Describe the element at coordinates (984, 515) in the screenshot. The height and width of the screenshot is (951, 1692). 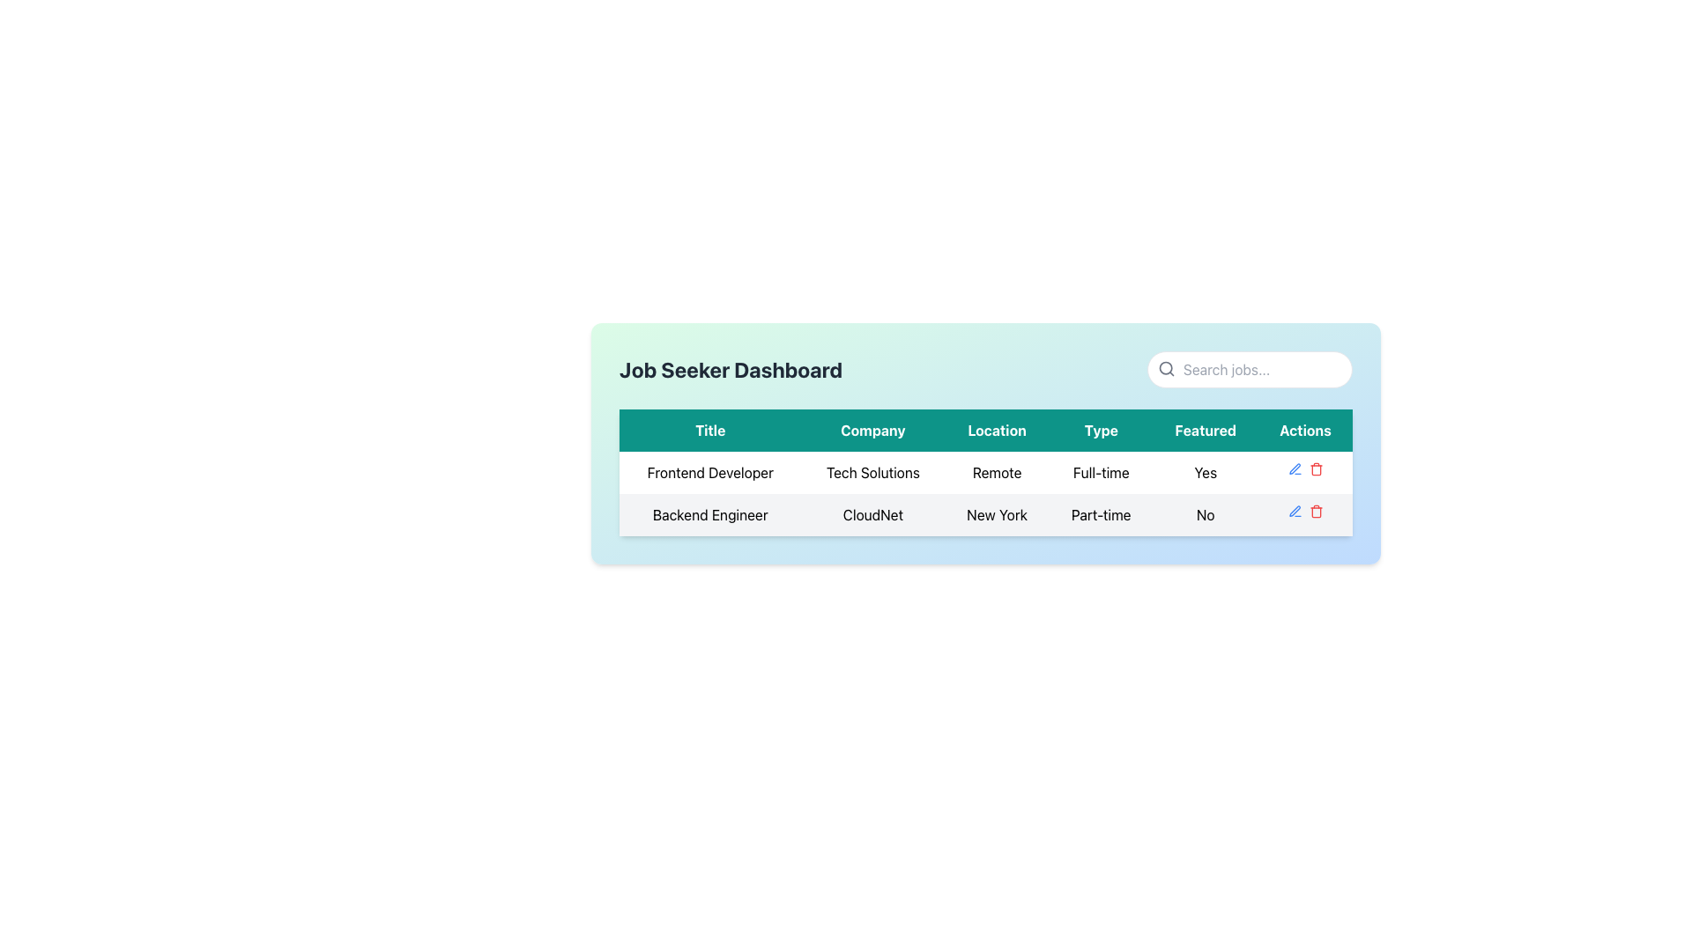
I see `the second row of the table containing information about 'Backend Engineer', 'CloudNet', 'New York', 'Part-time', and 'No'` at that location.